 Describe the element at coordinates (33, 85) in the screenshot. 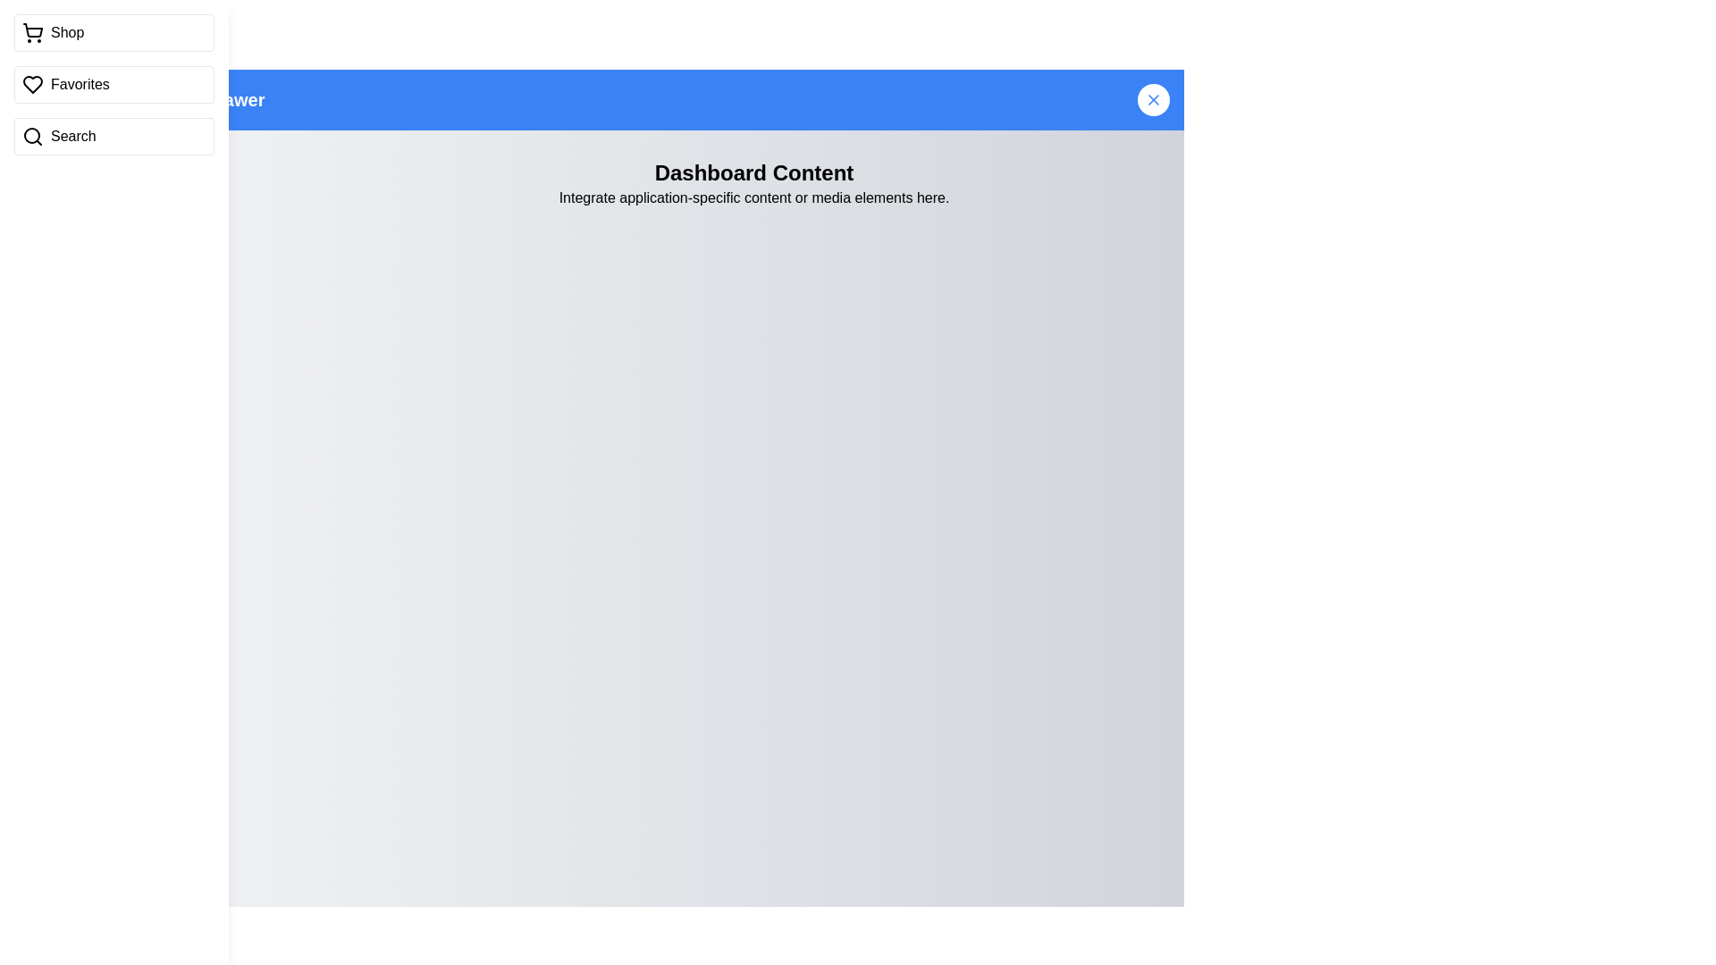

I see `the heart-shaped icon in the sidebar menu associated with the 'Favorites' label` at that location.